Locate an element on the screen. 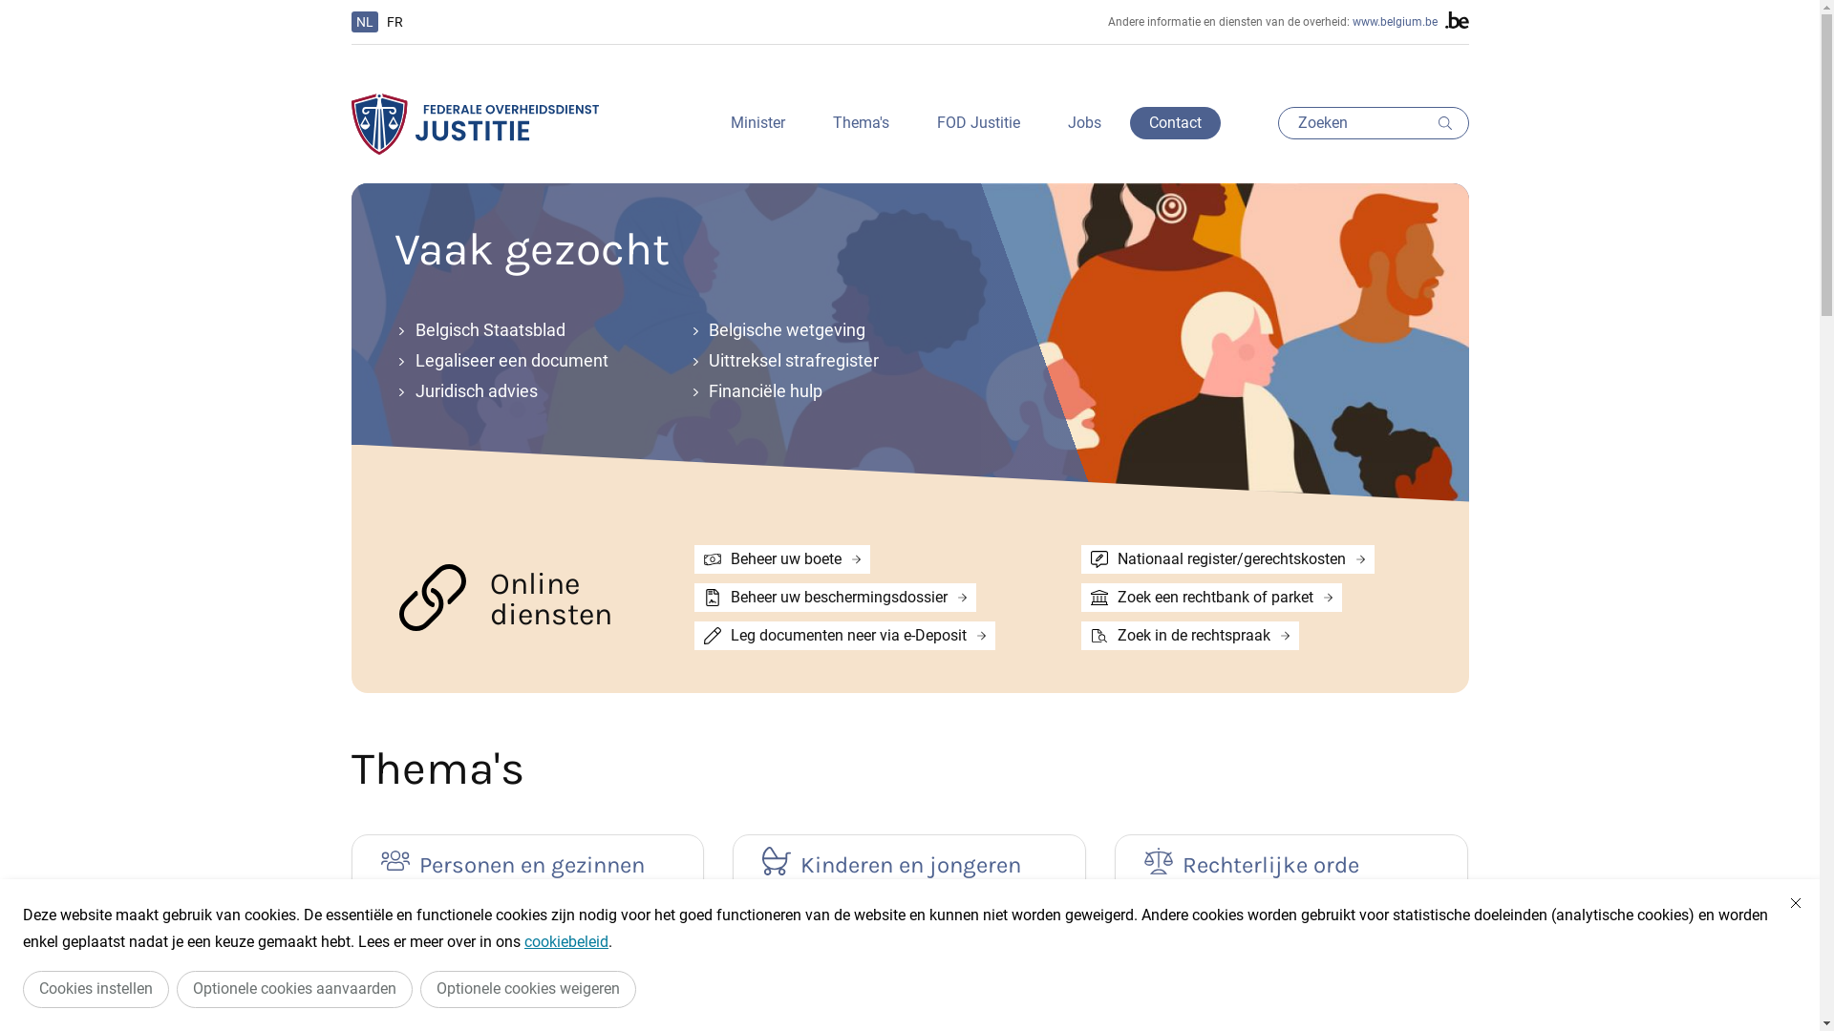 Image resolution: width=1834 pixels, height=1031 pixels. 'Contact' is located at coordinates (1173, 122).